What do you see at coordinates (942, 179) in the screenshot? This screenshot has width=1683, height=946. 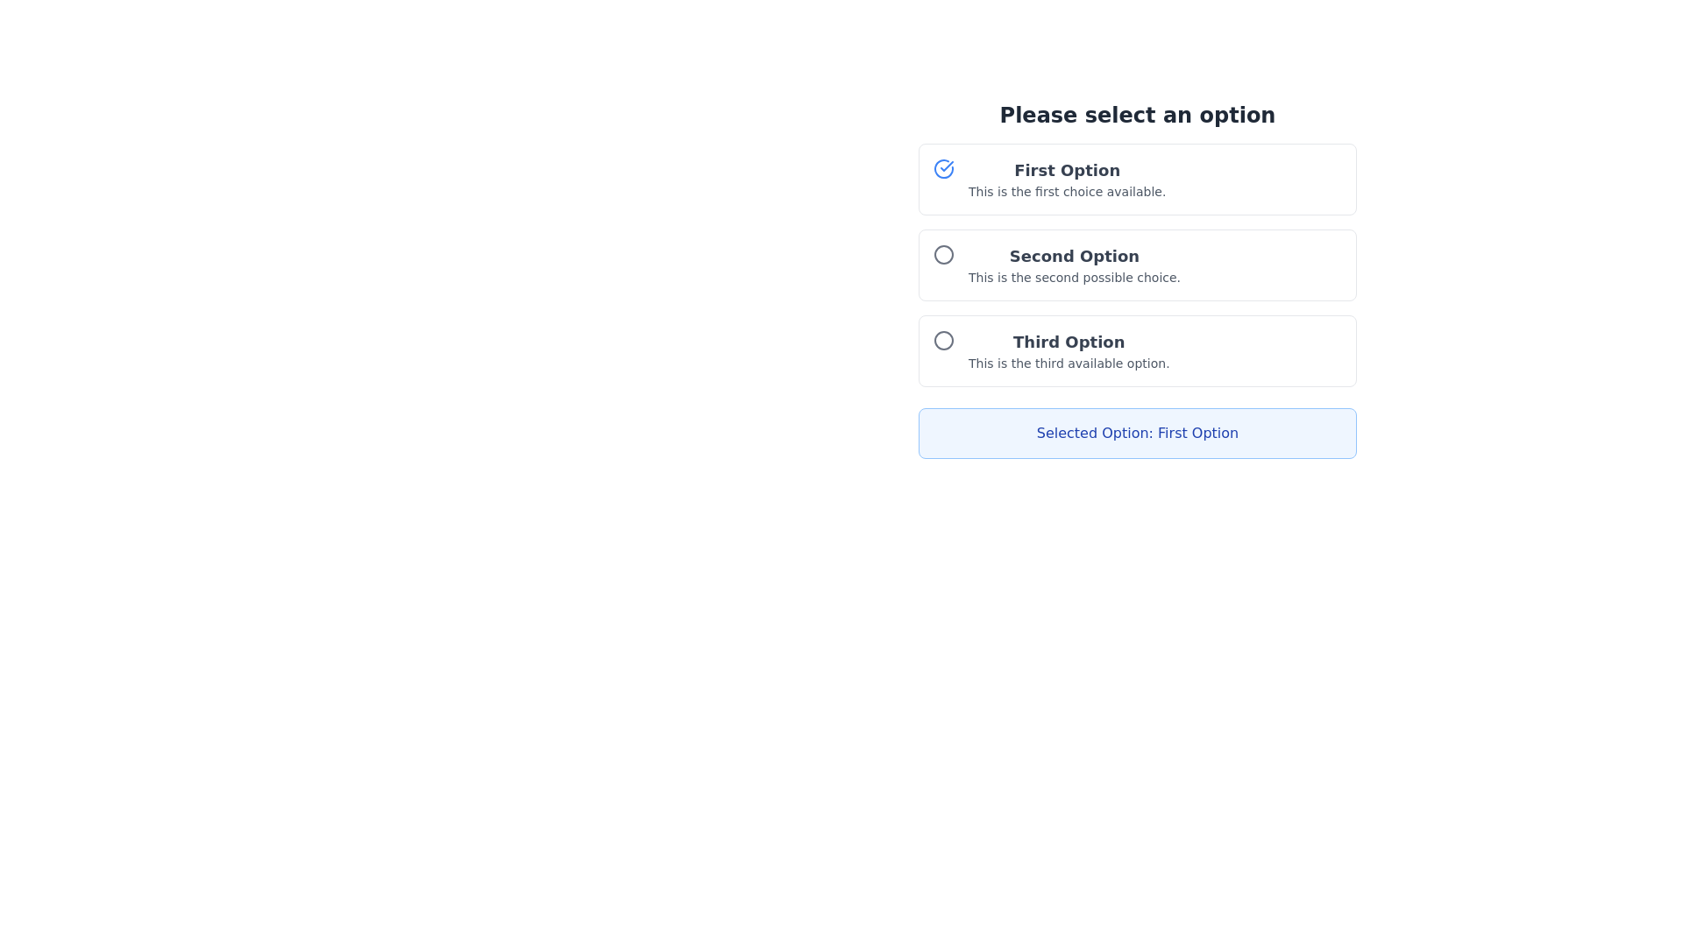 I see `the state change of the blue circle checkmark icon next to the 'First Option' label in the selection menu upon interactions` at bounding box center [942, 179].